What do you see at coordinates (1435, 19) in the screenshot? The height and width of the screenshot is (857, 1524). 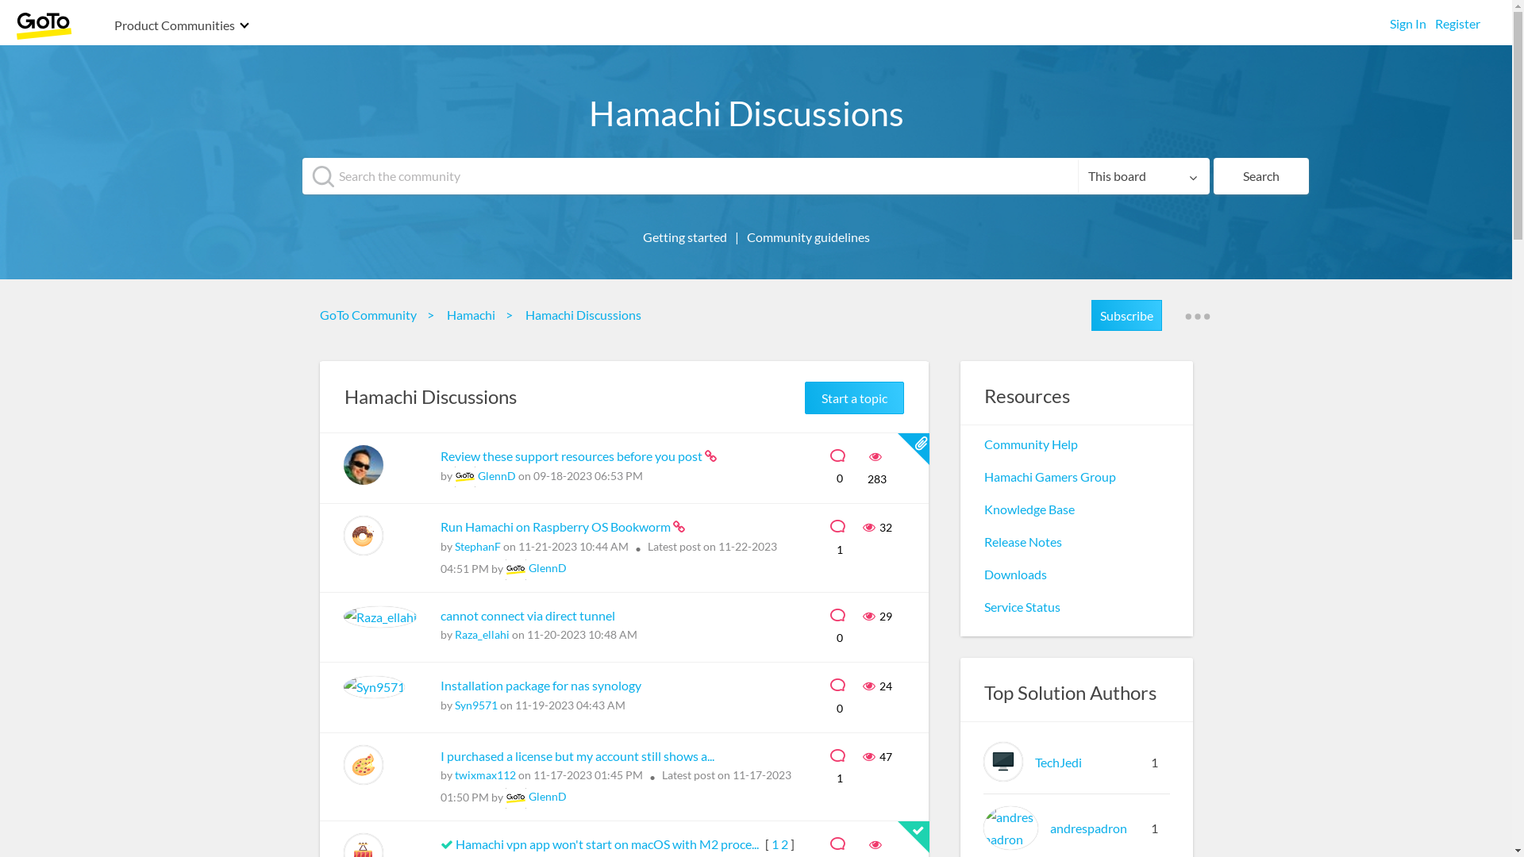 I see `'Register'` at bounding box center [1435, 19].